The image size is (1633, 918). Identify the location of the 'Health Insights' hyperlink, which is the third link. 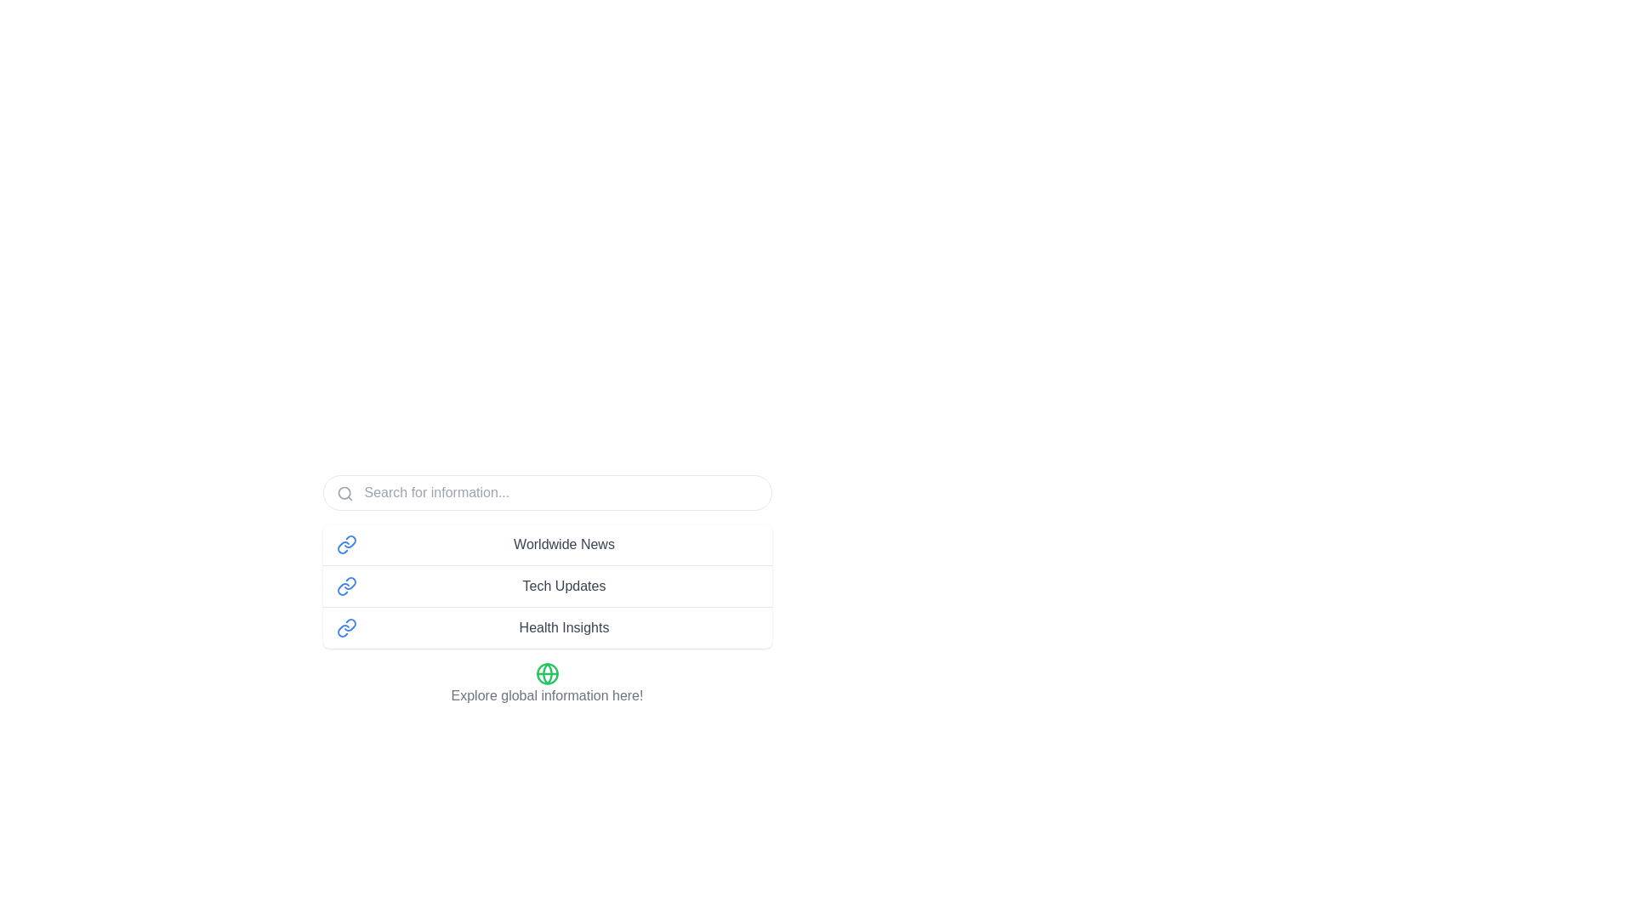
(564, 628).